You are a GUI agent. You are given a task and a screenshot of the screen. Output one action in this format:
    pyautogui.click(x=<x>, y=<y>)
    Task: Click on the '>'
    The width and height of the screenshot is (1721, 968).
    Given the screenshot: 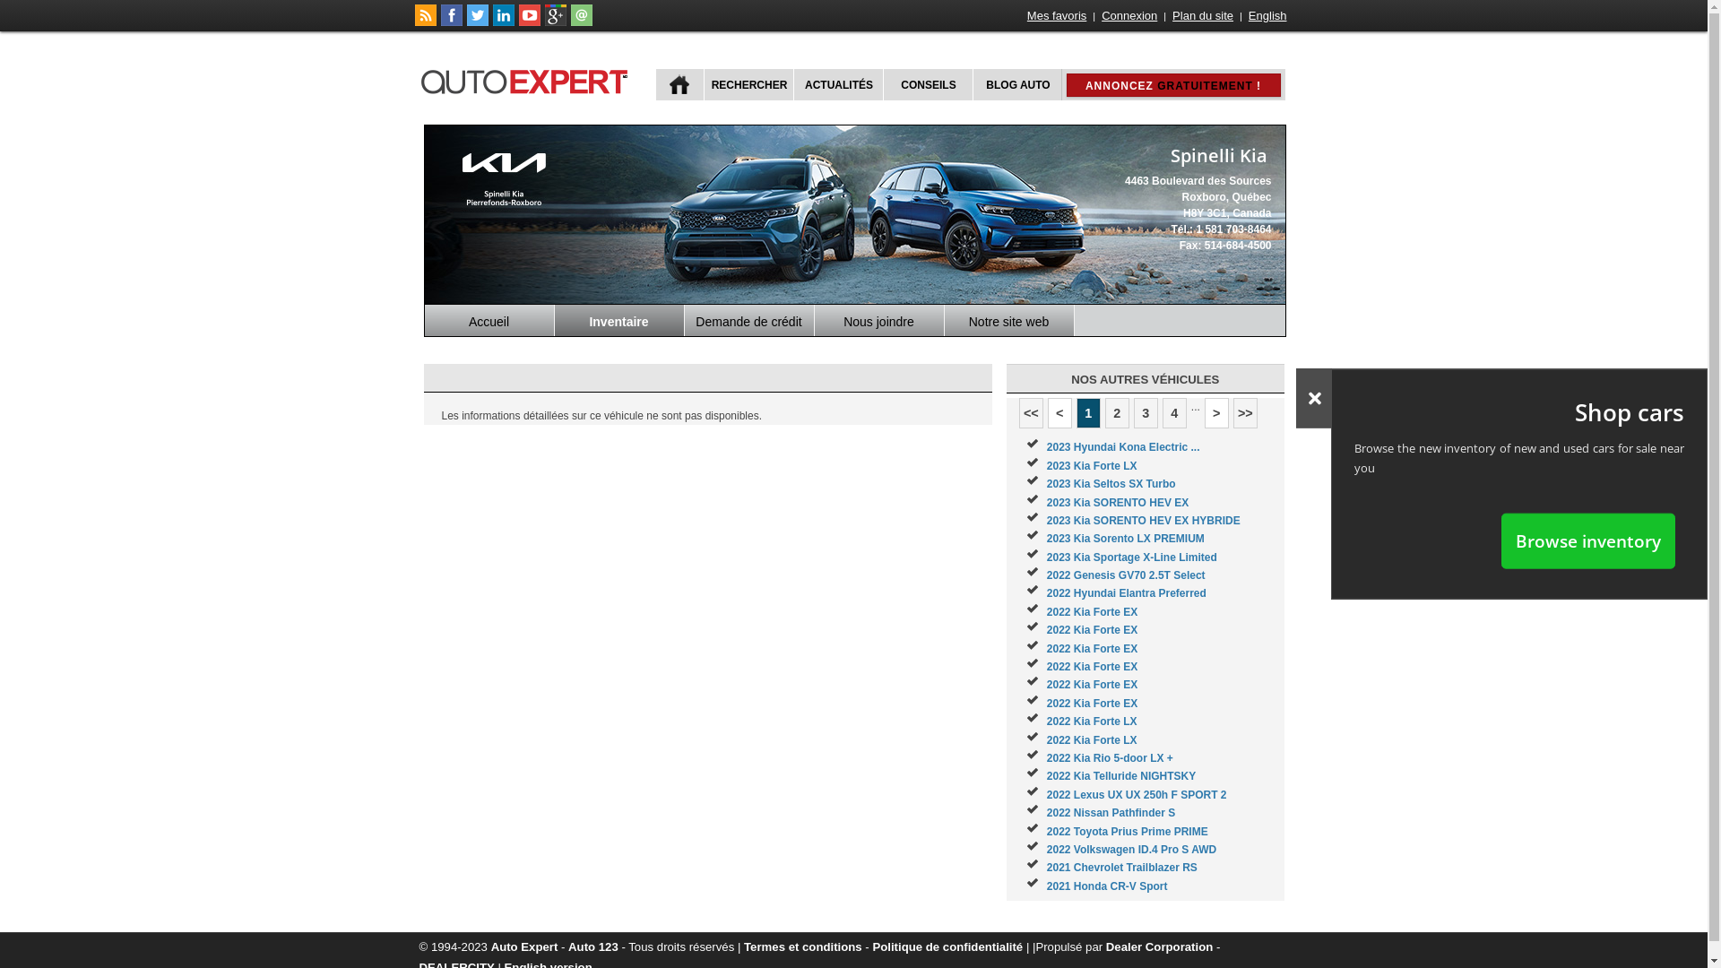 What is the action you would take?
    pyautogui.click(x=1216, y=413)
    